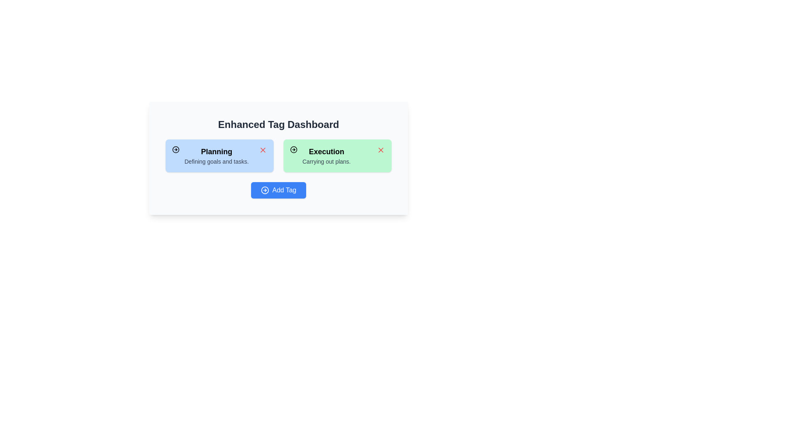 The width and height of the screenshot is (789, 443). Describe the element at coordinates (278, 190) in the screenshot. I see `the 'Add Tag' button located at the bottom center of the dashboard` at that location.